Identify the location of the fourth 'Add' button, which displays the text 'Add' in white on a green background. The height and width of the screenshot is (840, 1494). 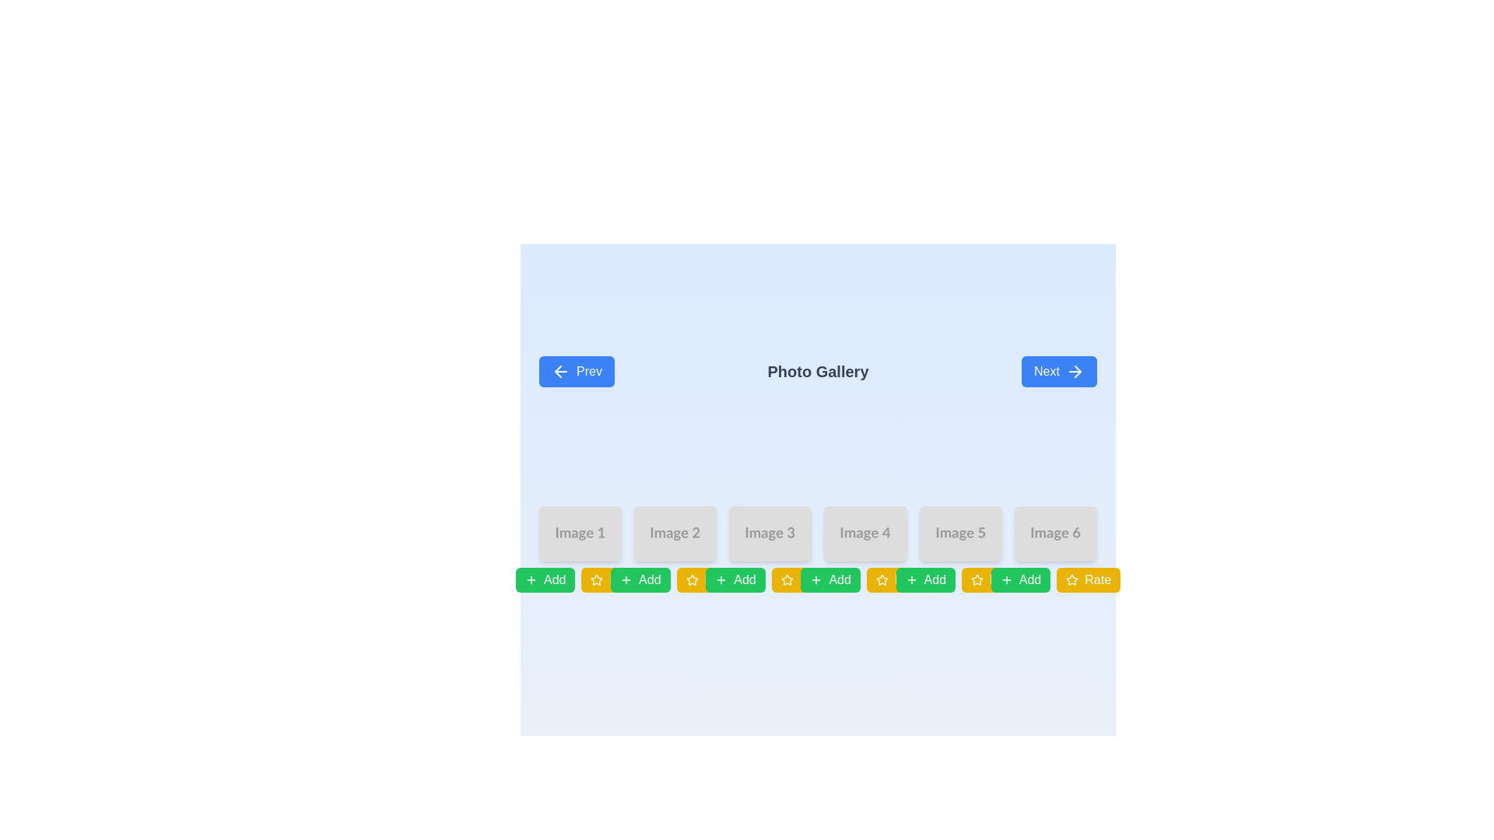
(744, 579).